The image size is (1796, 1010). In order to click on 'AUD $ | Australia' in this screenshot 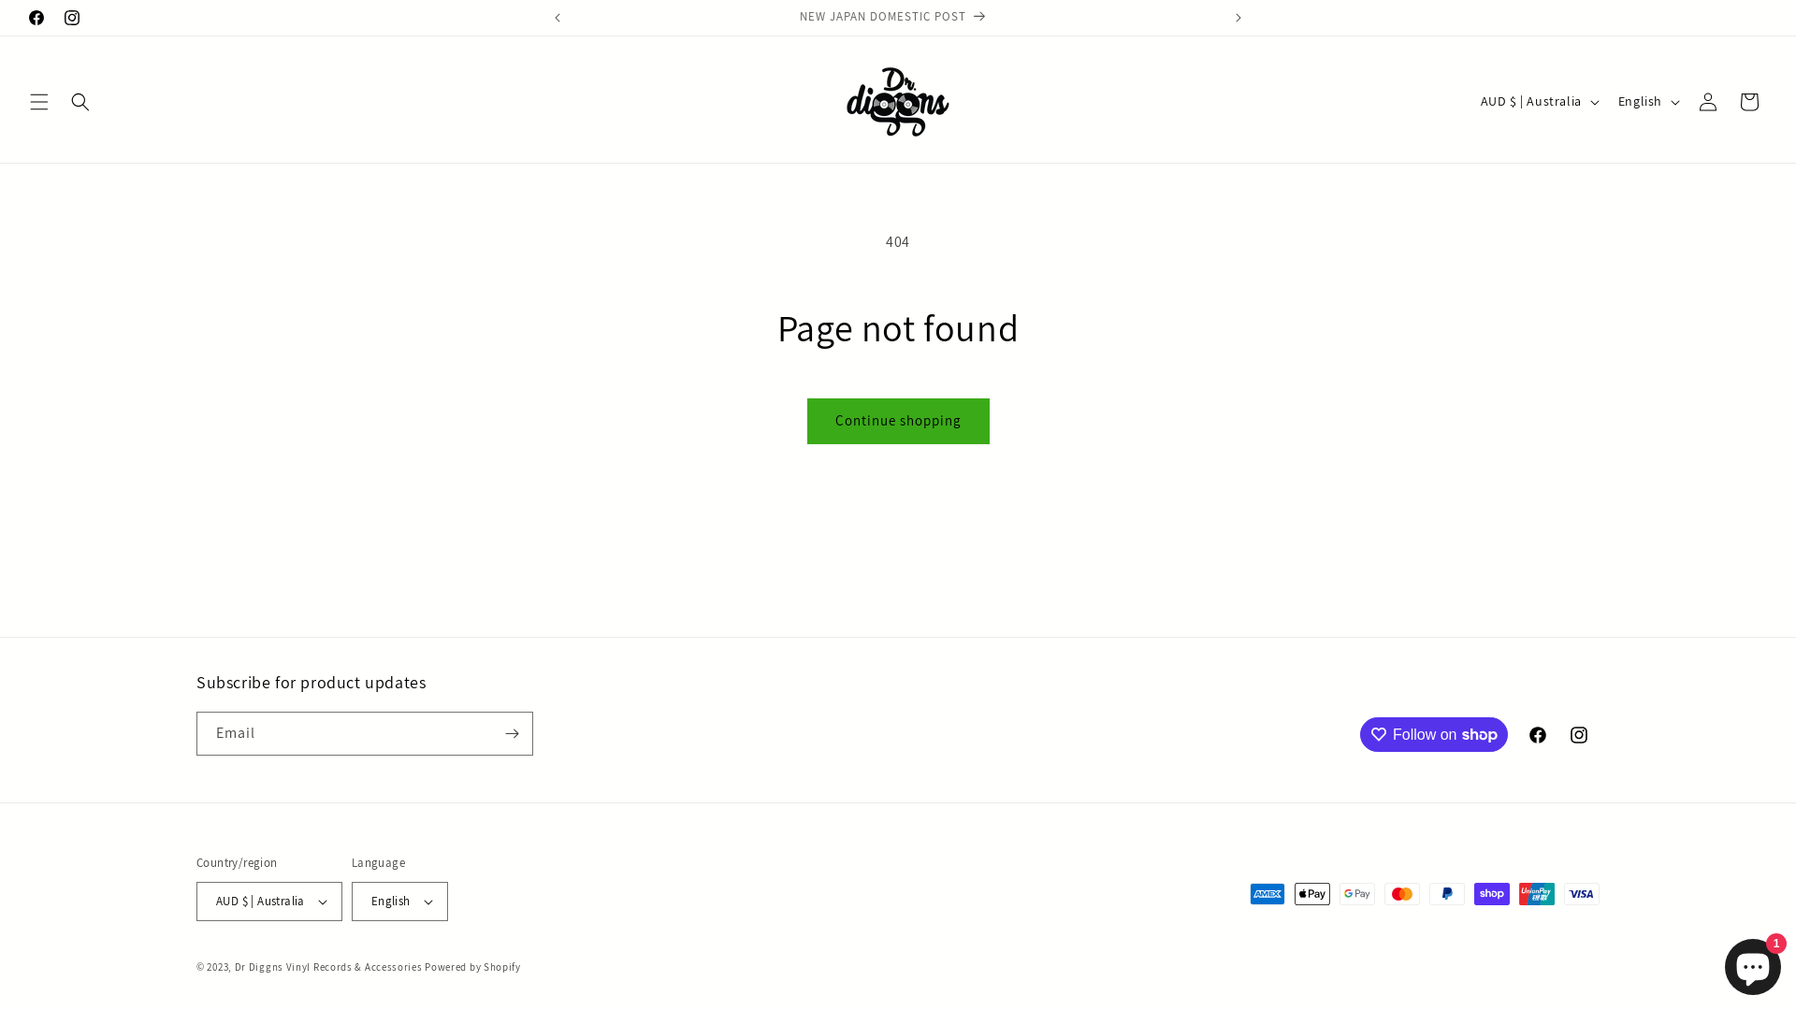, I will do `click(1538, 101)`.